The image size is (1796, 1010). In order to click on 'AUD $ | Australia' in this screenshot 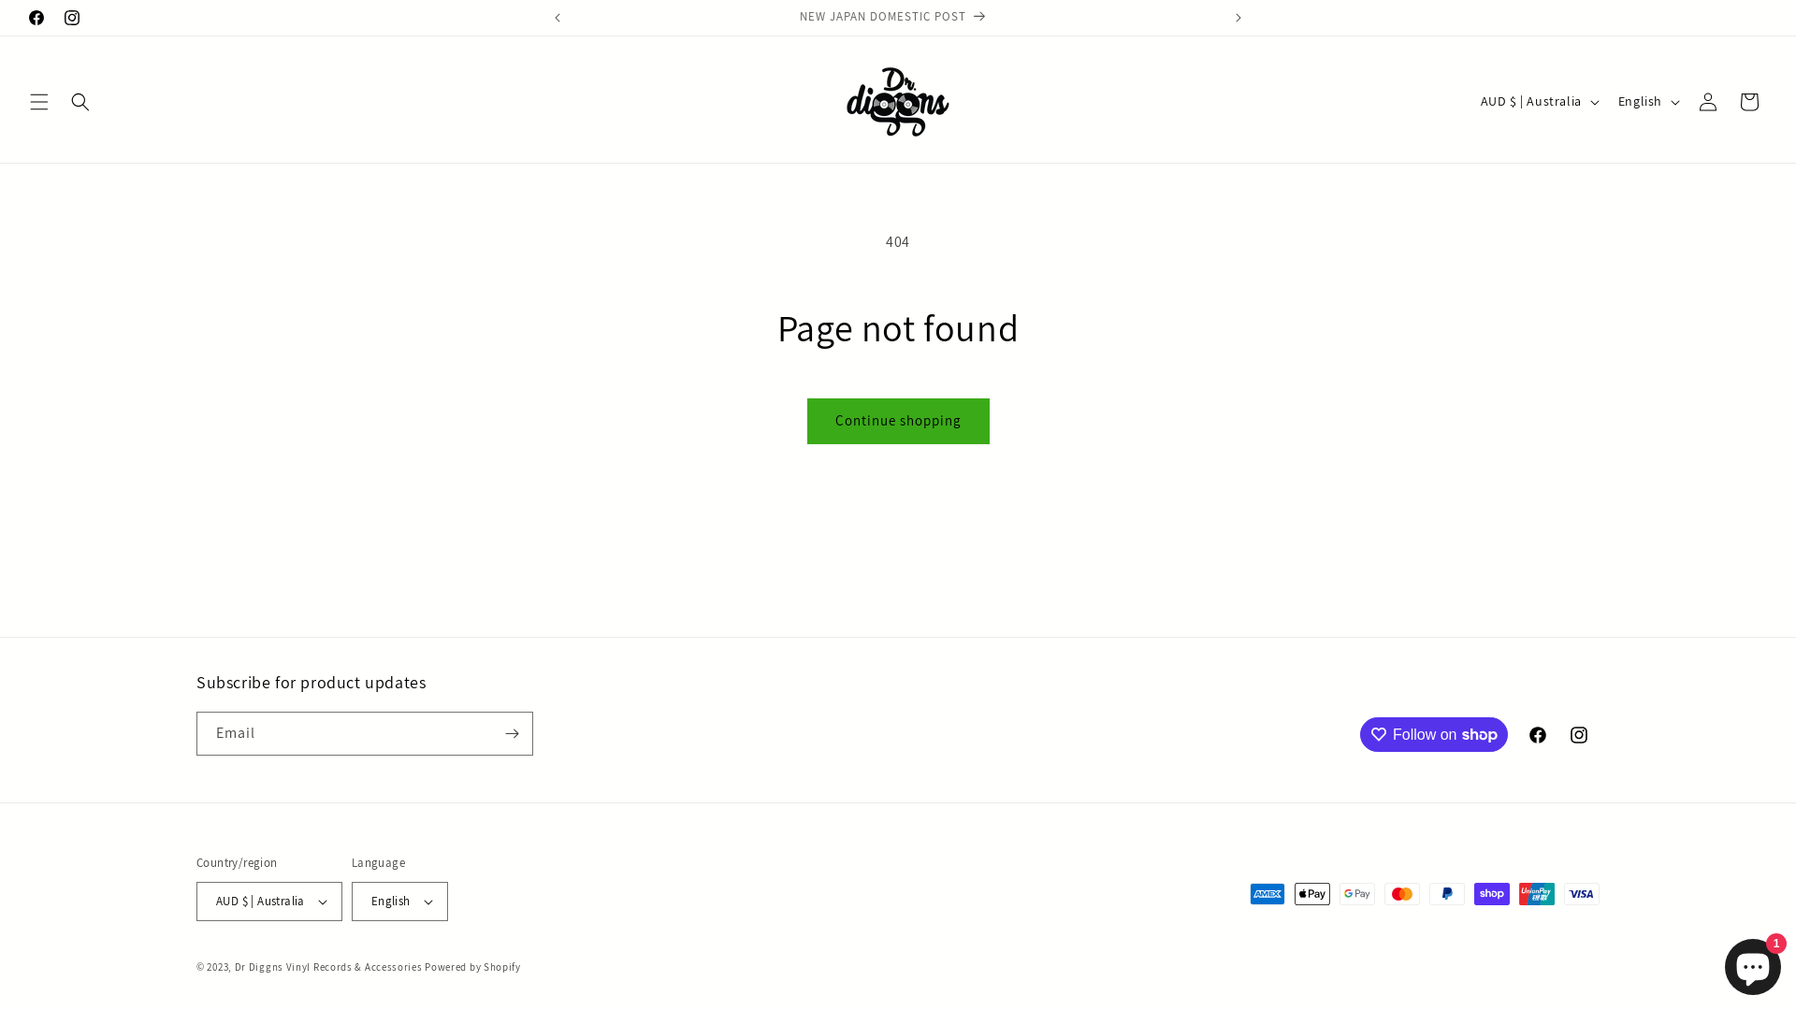, I will do `click(1538, 101)`.